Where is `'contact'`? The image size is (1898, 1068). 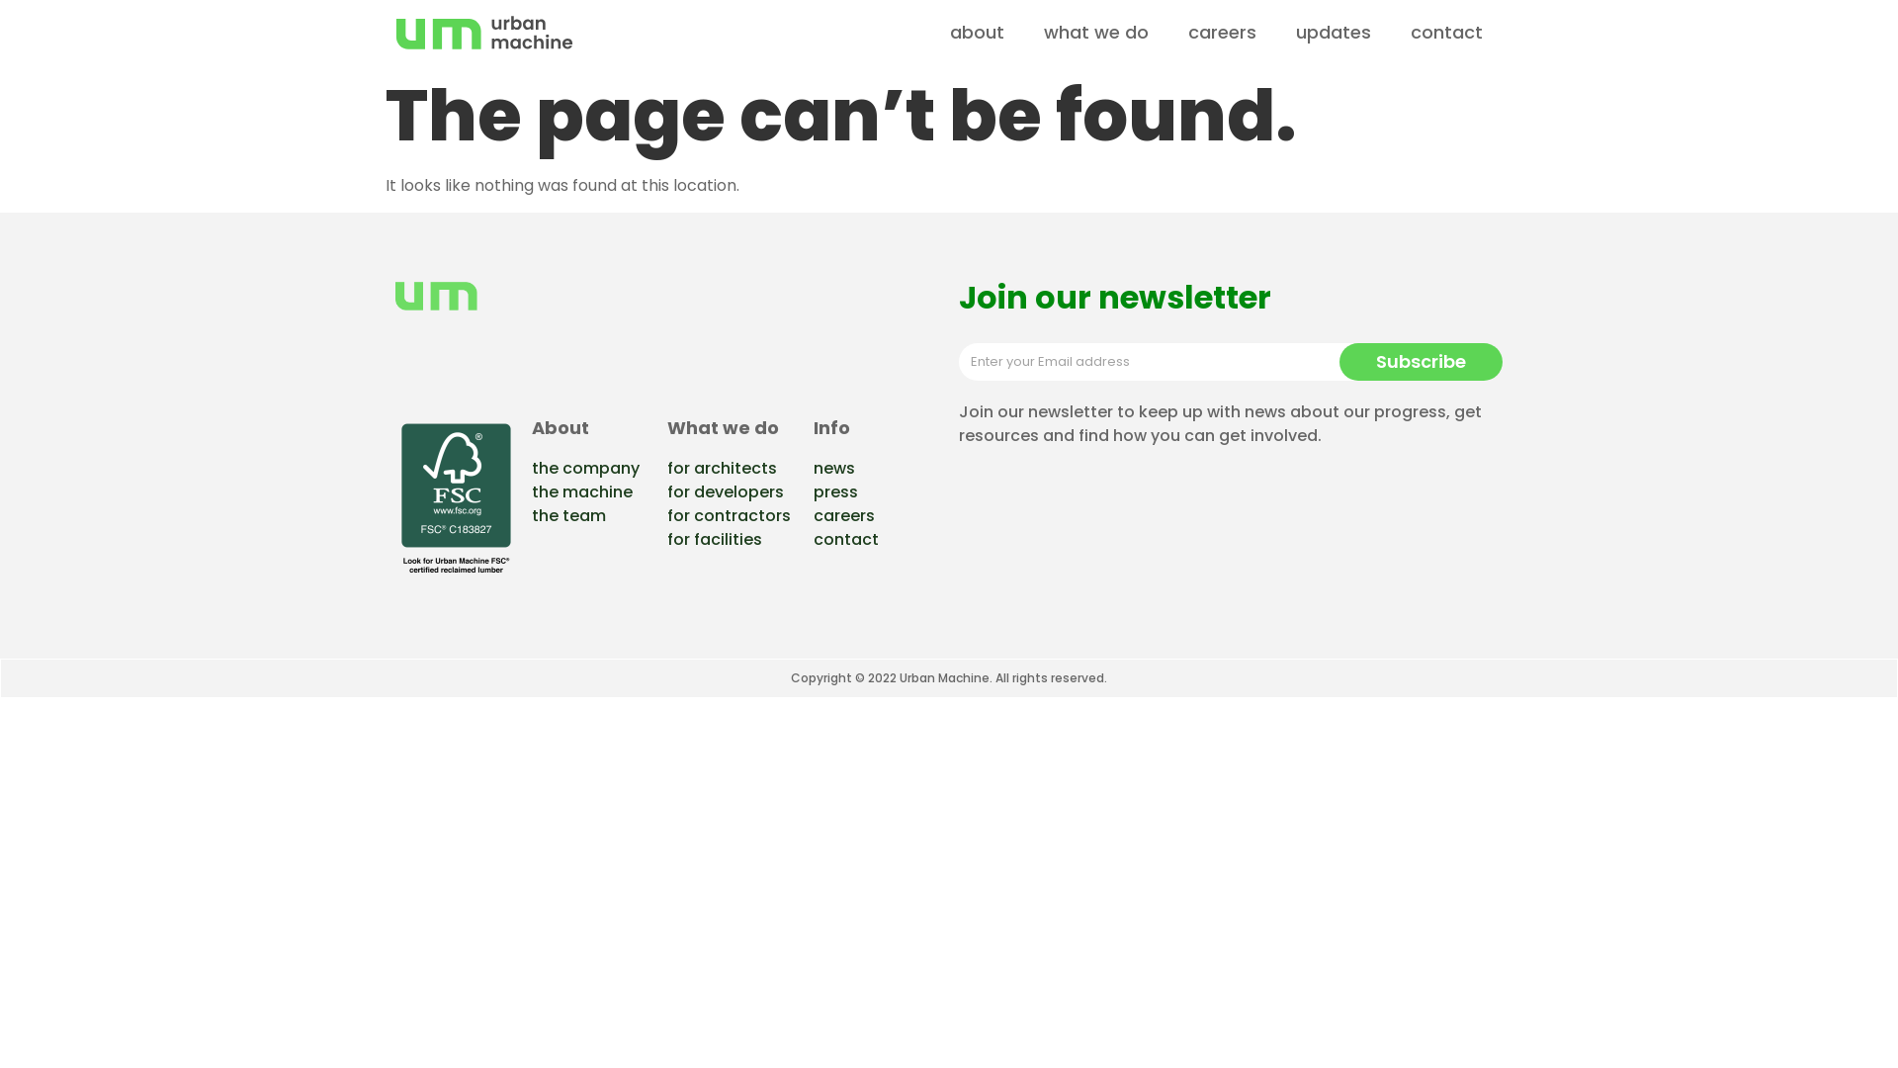 'contact' is located at coordinates (812, 539).